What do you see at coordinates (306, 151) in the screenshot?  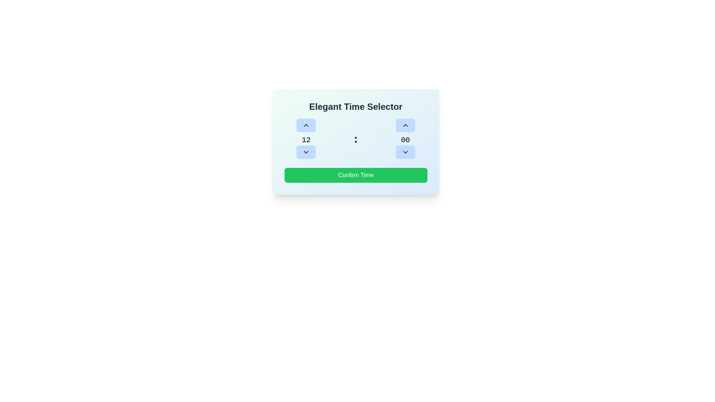 I see `the button that decreases the hour in the time selector` at bounding box center [306, 151].